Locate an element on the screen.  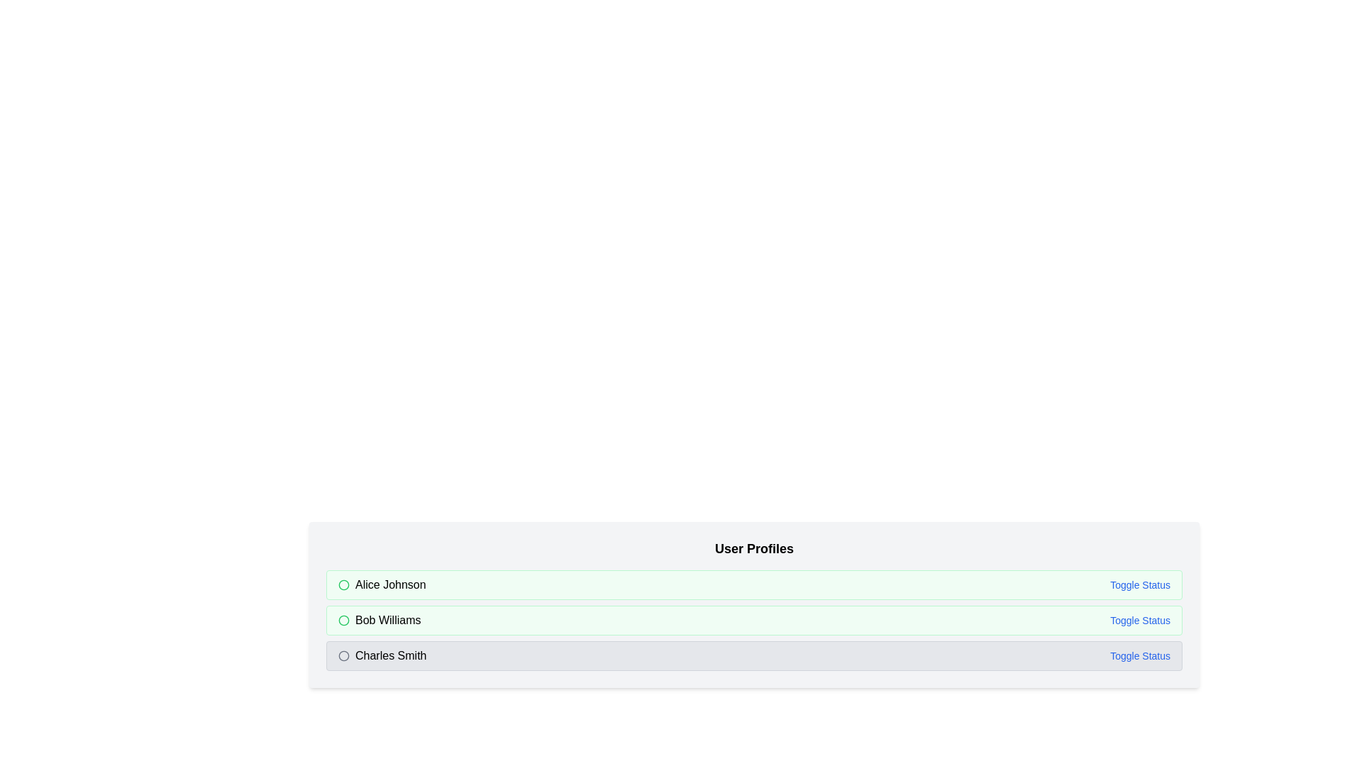
the text label displaying 'Alice Johnson', which is located in the first row of user profiles, to the left of the 'Toggle Status' button and to the right of a small green circular icon is located at coordinates (390, 585).